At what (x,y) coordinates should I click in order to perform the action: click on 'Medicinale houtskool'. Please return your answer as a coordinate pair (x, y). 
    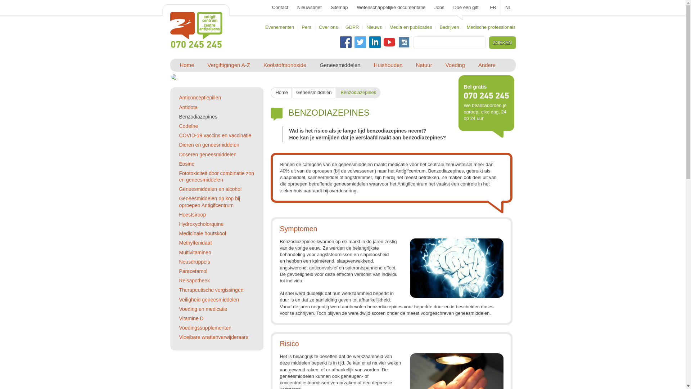
    Looking at the image, I should click on (202, 233).